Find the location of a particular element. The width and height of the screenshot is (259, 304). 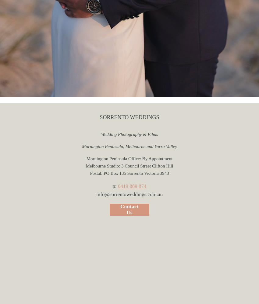

'p:' is located at coordinates (112, 185).